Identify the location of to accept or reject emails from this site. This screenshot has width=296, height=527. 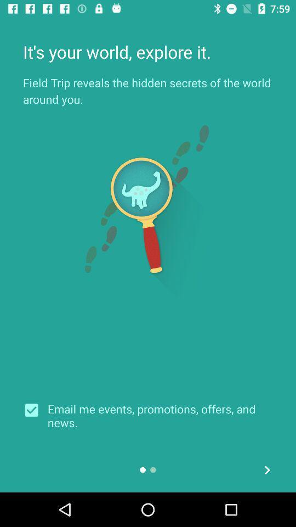
(35, 410).